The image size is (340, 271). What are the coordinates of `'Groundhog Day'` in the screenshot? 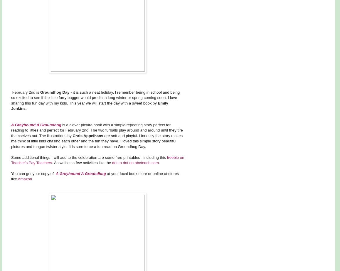 It's located at (54, 92).